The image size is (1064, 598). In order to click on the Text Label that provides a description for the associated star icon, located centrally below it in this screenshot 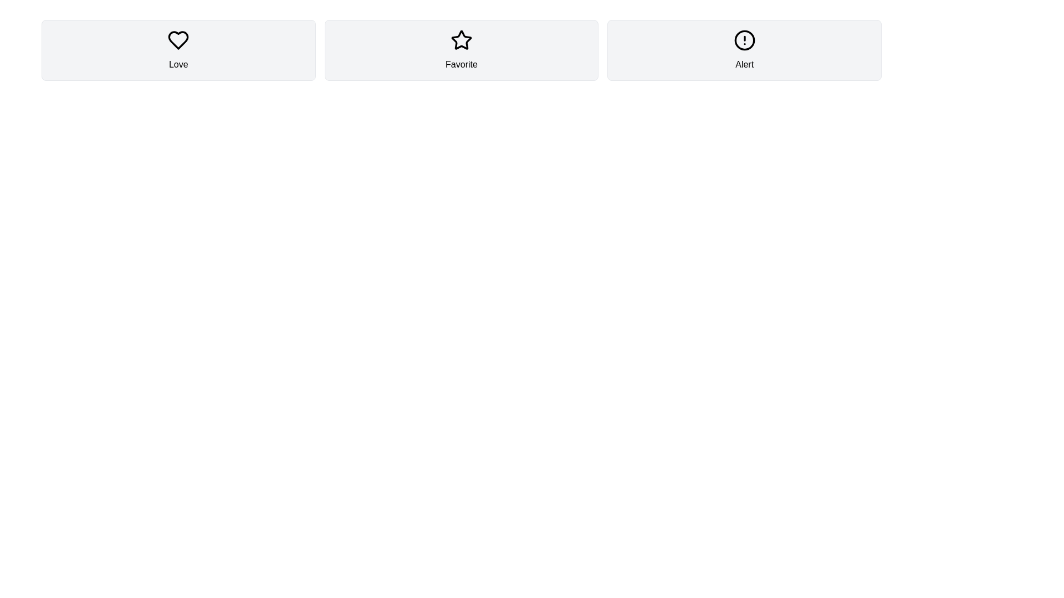, I will do `click(461, 64)`.